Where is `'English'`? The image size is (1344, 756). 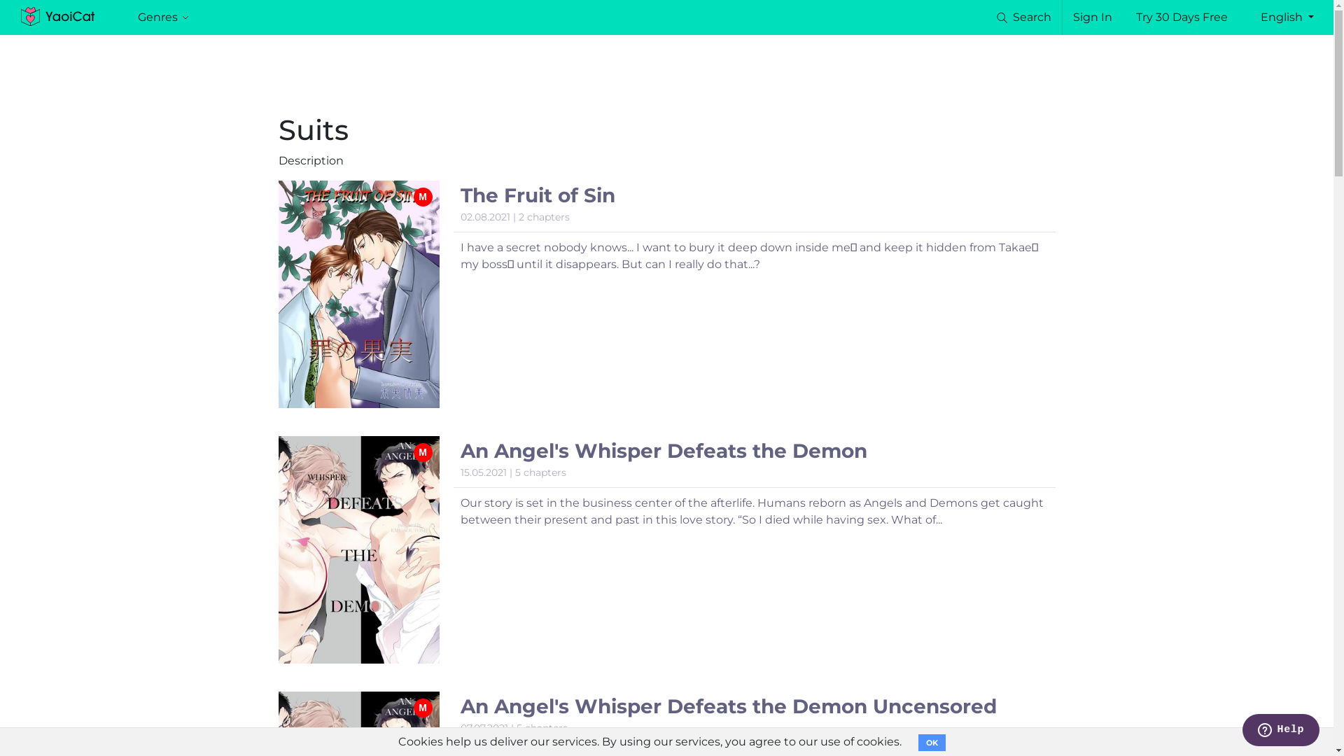 'English' is located at coordinates (1287, 17).